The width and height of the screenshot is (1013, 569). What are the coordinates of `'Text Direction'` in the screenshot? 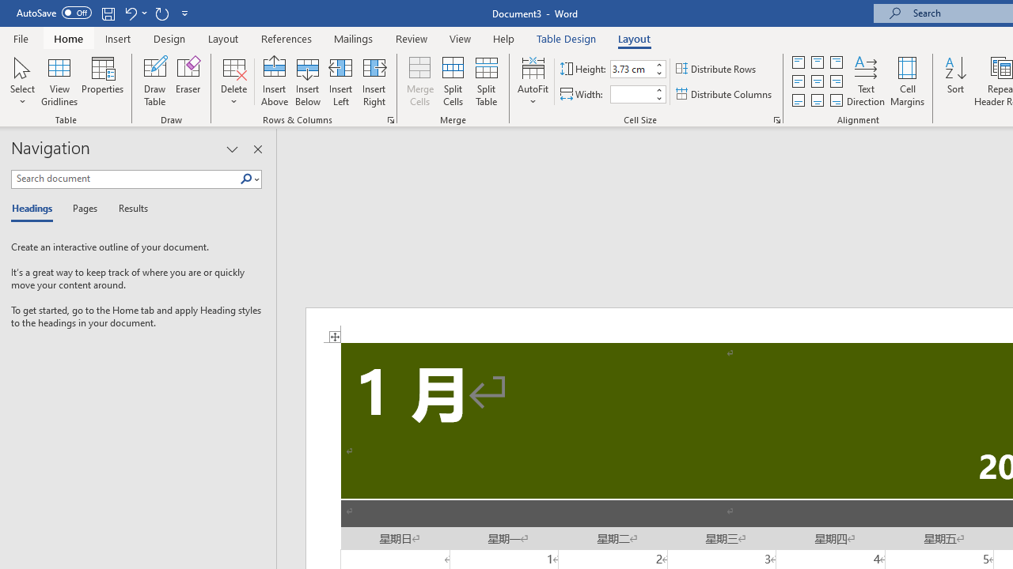 It's located at (865, 81).